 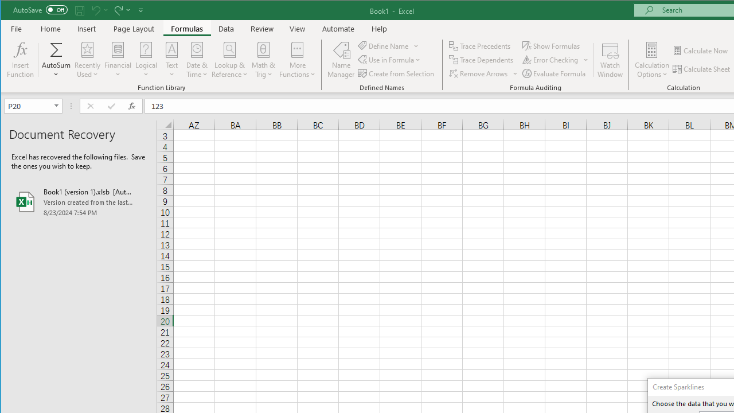 What do you see at coordinates (652, 60) in the screenshot?
I see `'Calculation Options'` at bounding box center [652, 60].